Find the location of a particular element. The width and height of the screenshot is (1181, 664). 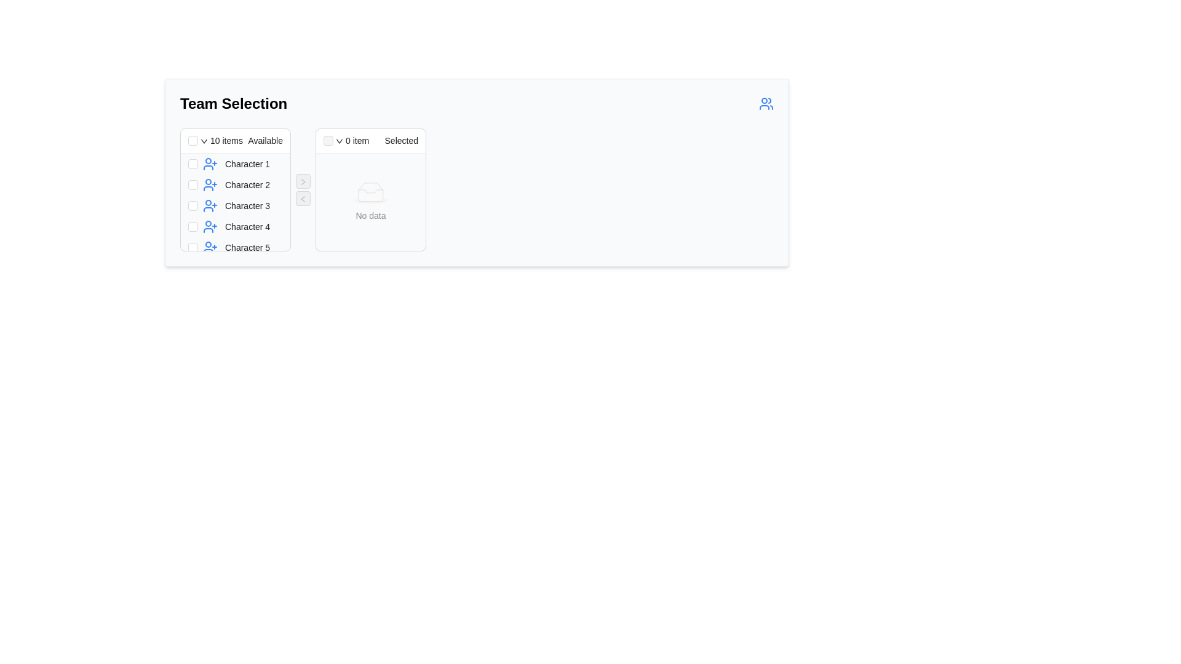

the unique right-facing arrow icon button that transitions items from the 'Available' list to the 'Selected' list in the Team Selection interface is located at coordinates (303, 181).